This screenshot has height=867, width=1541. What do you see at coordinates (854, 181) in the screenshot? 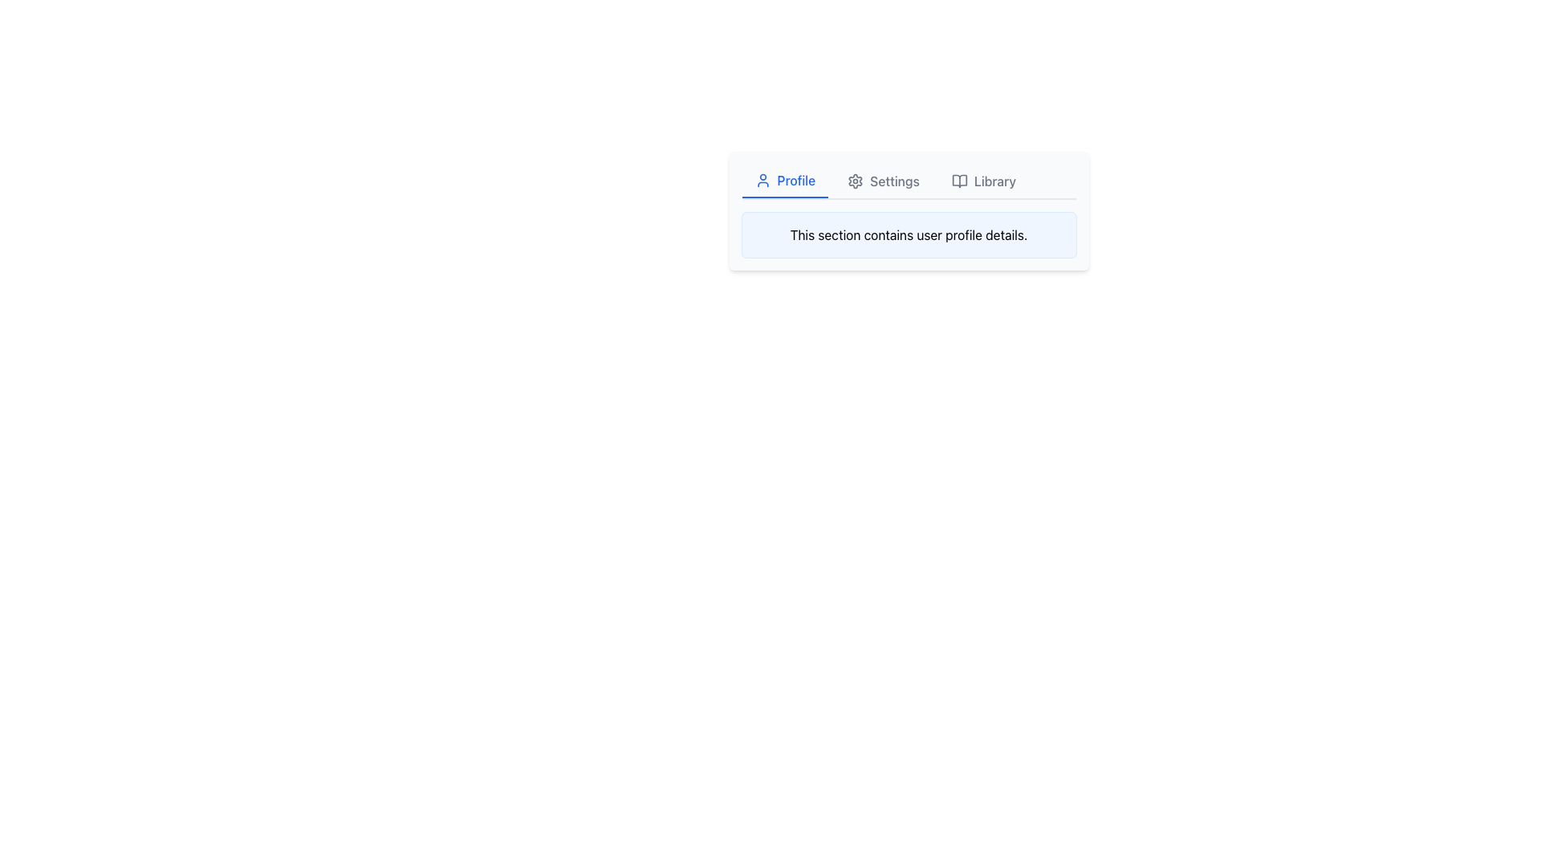
I see `the circular gear icon located to the left of the 'Settings' text in the menu bar` at bounding box center [854, 181].